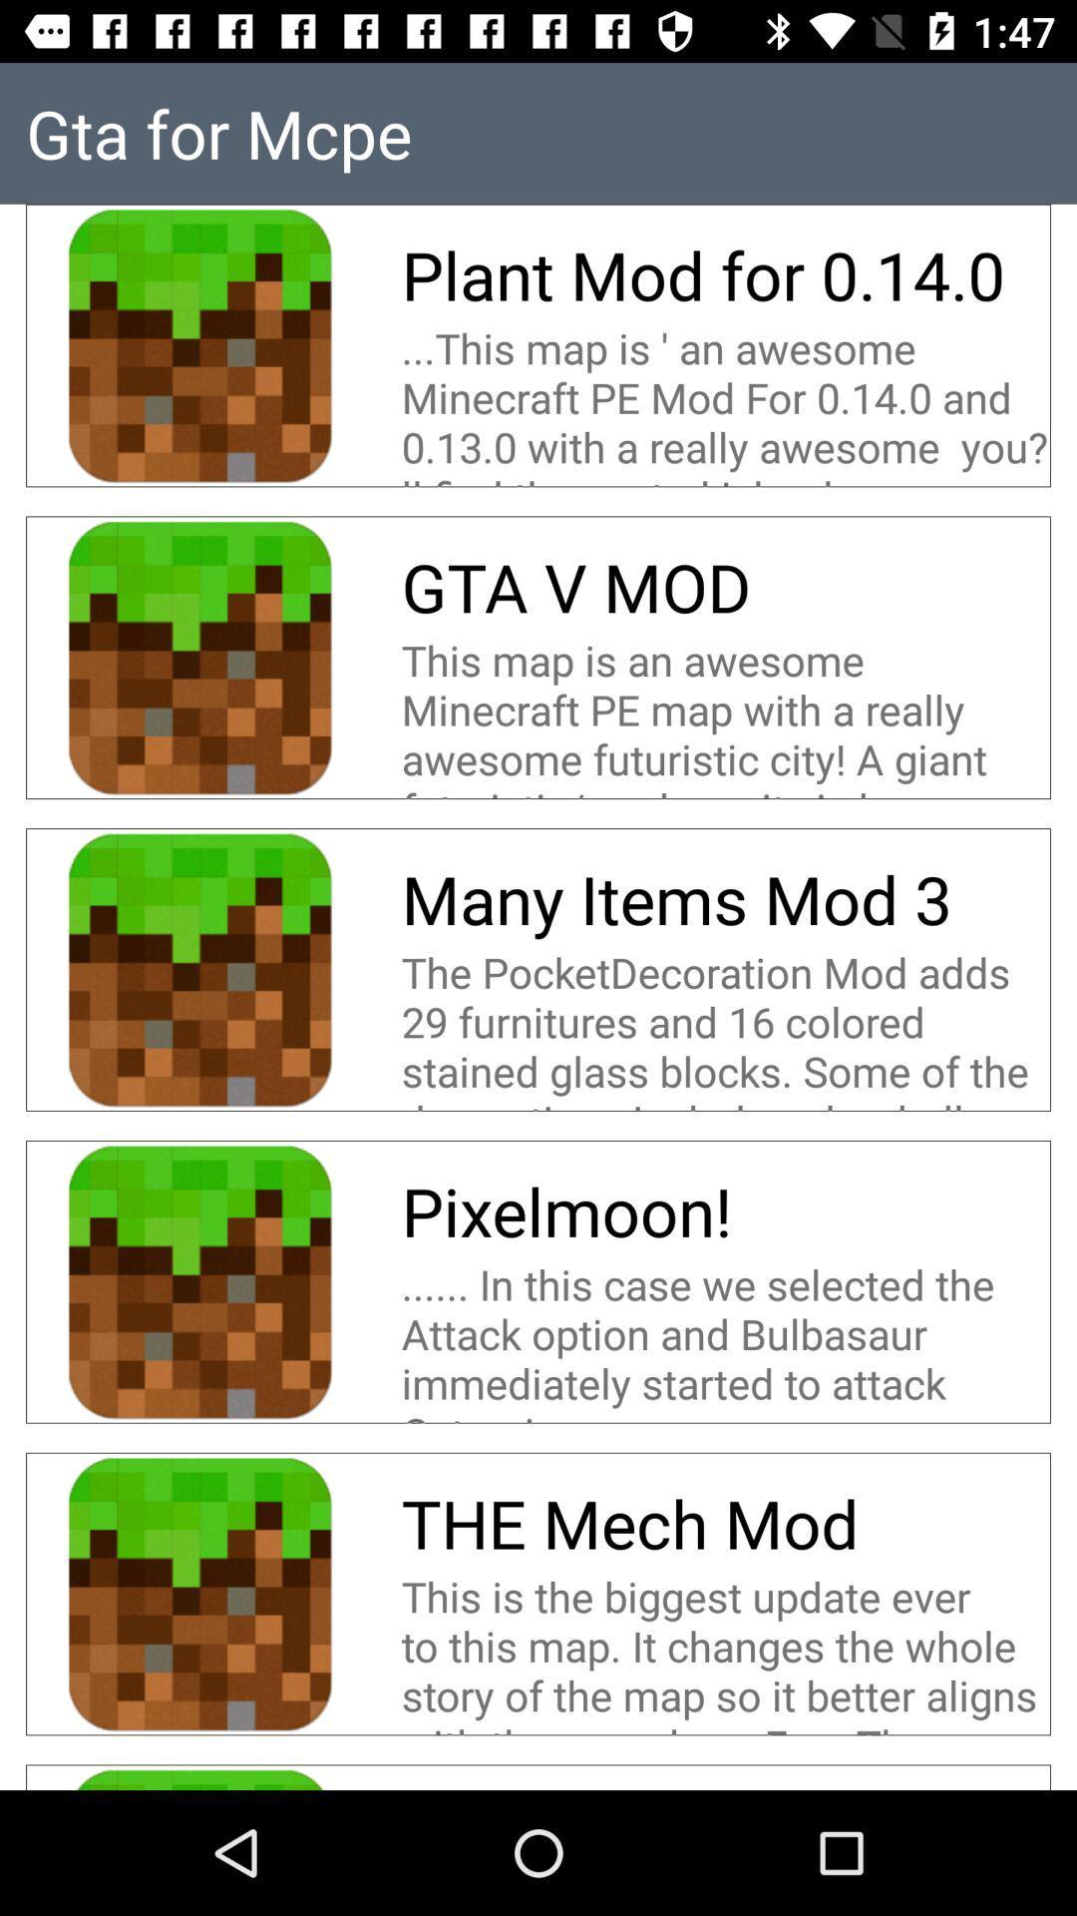  I want to click on the app below the pocketdecoration mod, so click(566, 1209).